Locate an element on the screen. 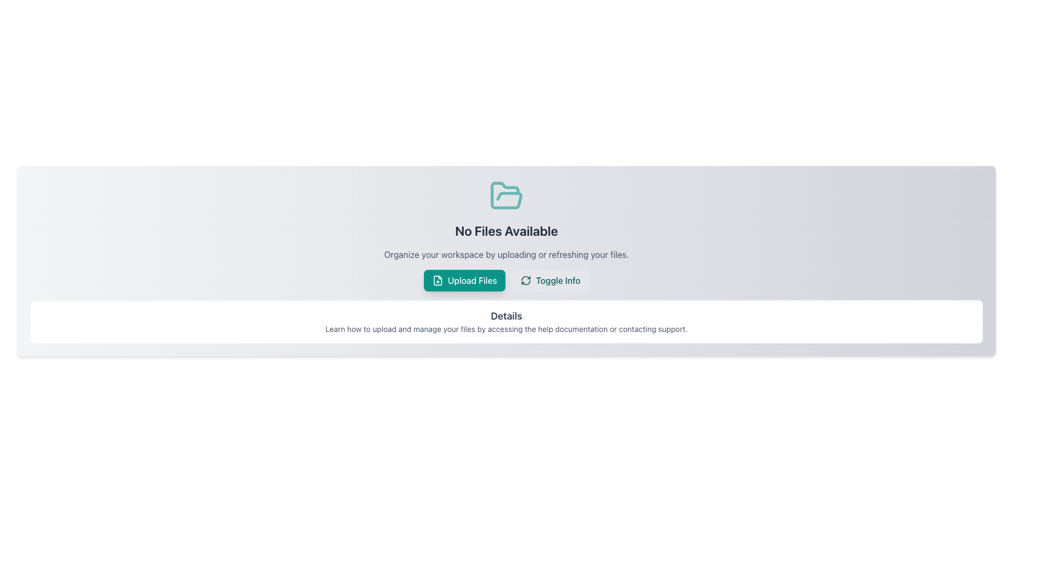 Image resolution: width=1038 pixels, height=584 pixels. the teal-colored folder icon located at the center top of the card-like interface, positioned above the heading 'No Files Available' is located at coordinates (505, 196).